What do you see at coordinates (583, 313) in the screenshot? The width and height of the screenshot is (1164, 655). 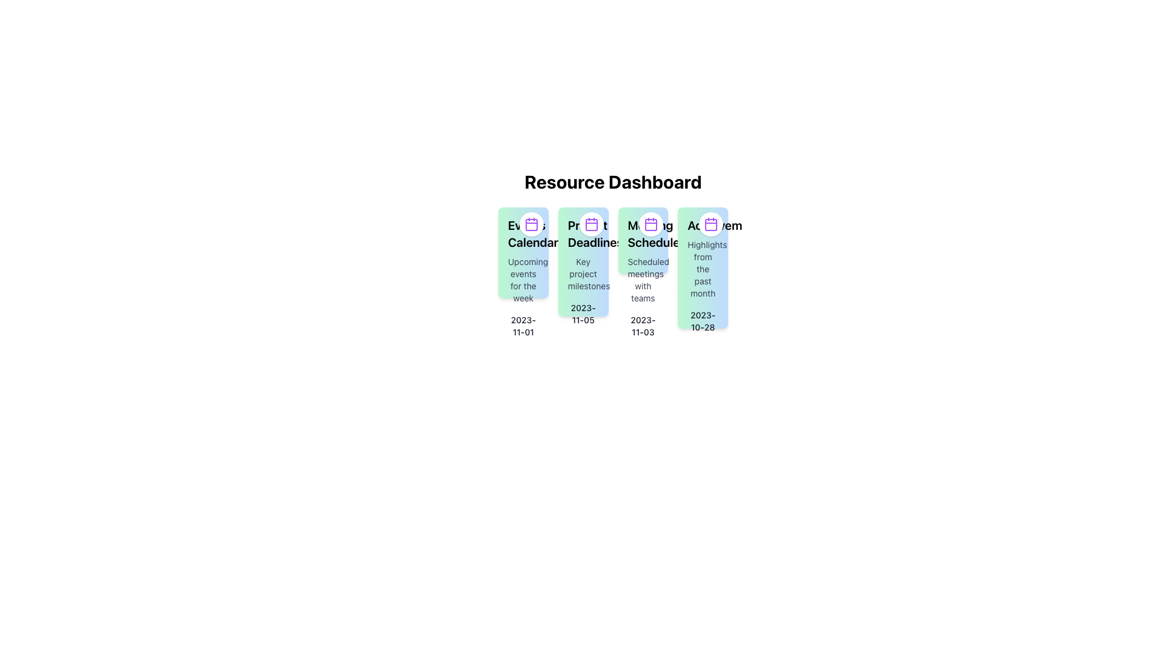 I see `date information displayed as '2023-11-05' in a small, bold font beneath the 'Key project milestones' section` at bounding box center [583, 313].